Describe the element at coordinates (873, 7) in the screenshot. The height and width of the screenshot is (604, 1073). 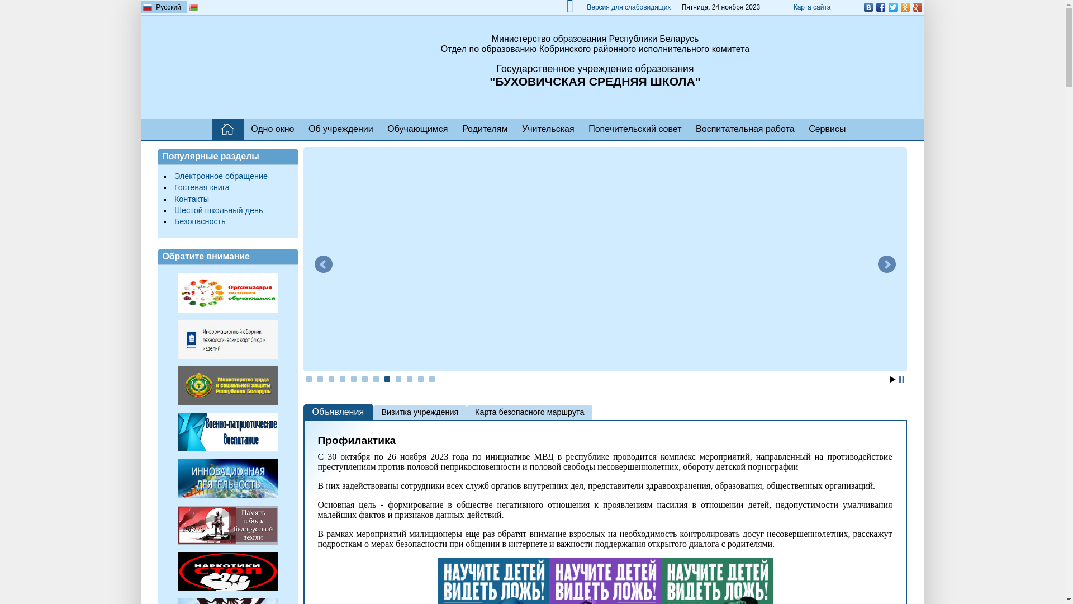
I see `'Facebook'` at that location.